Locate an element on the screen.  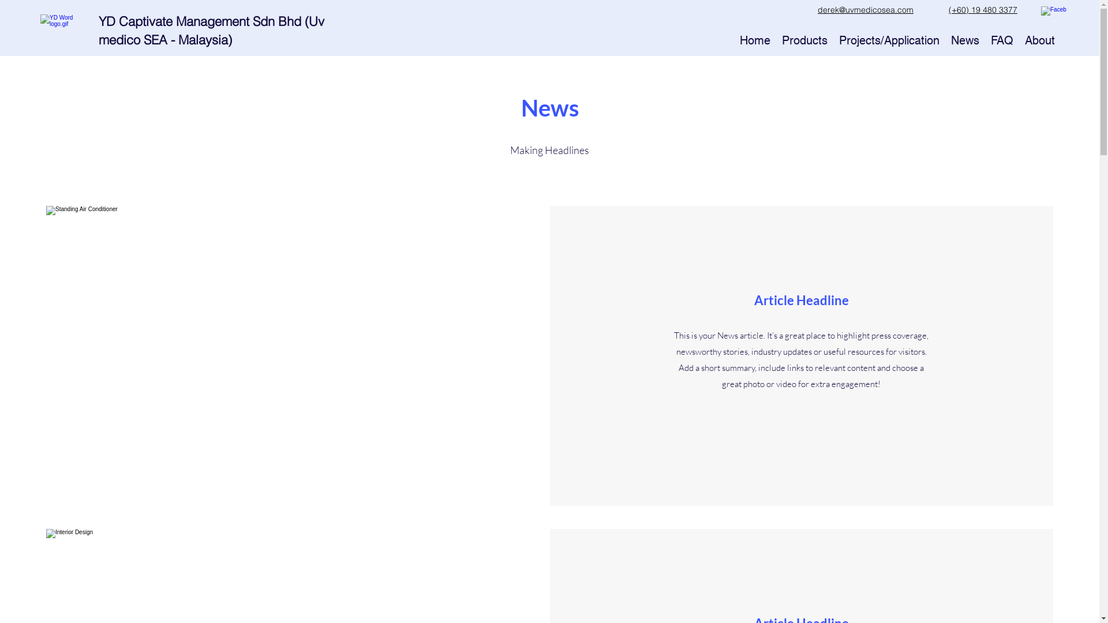
'Projects/Application' is located at coordinates (888, 39).